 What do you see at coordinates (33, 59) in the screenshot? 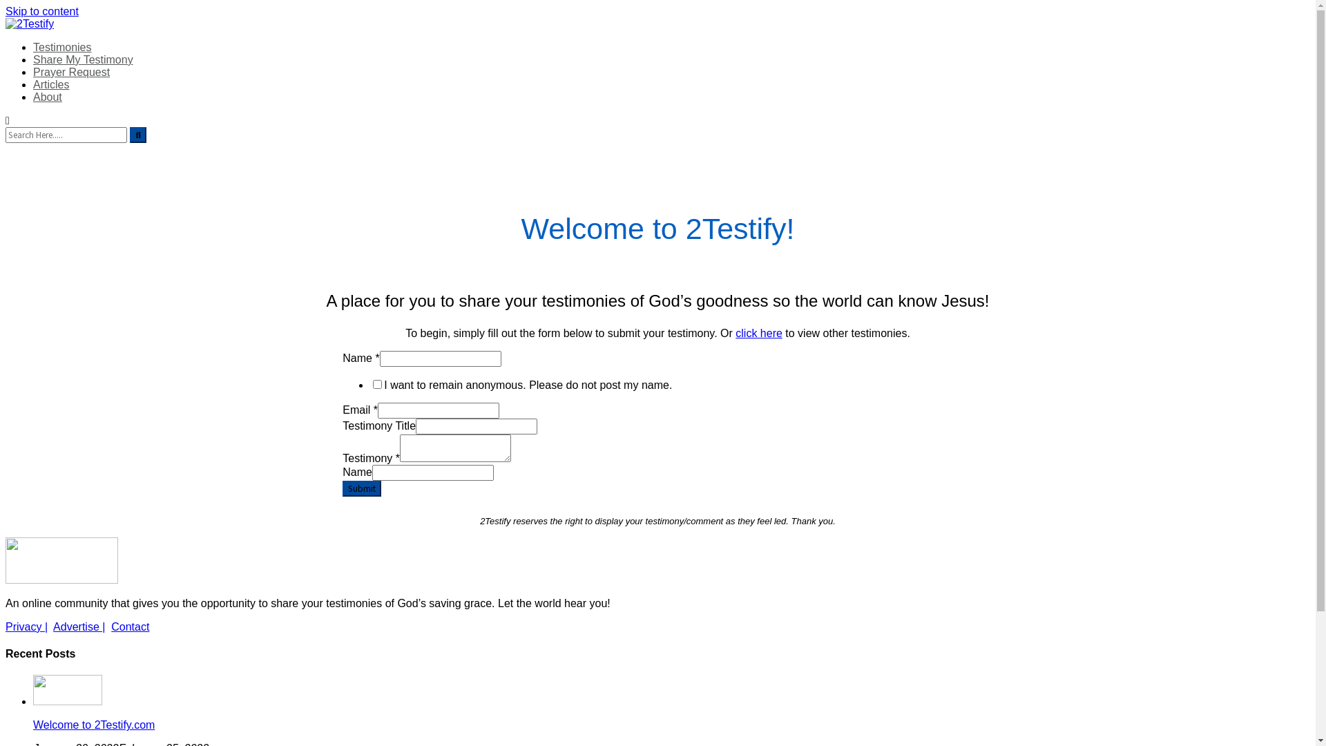
I see `'Share My Testimony'` at bounding box center [33, 59].